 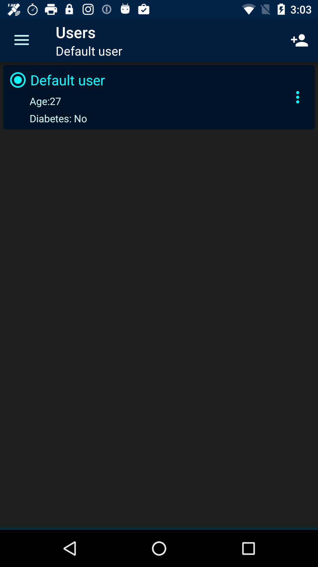 What do you see at coordinates (47, 118) in the screenshot?
I see `icon below age:27 icon` at bounding box center [47, 118].